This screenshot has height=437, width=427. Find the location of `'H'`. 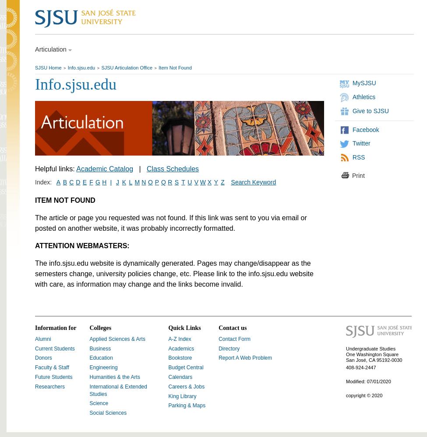

'H' is located at coordinates (104, 182).